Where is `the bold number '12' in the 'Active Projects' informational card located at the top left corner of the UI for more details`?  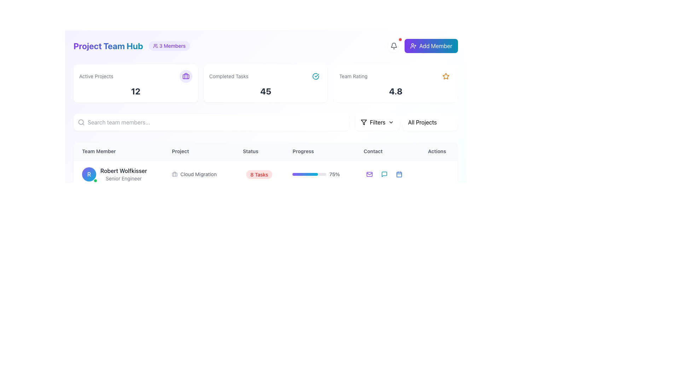 the bold number '12' in the 'Active Projects' informational card located at the top left corner of the UI for more details is located at coordinates (135, 83).